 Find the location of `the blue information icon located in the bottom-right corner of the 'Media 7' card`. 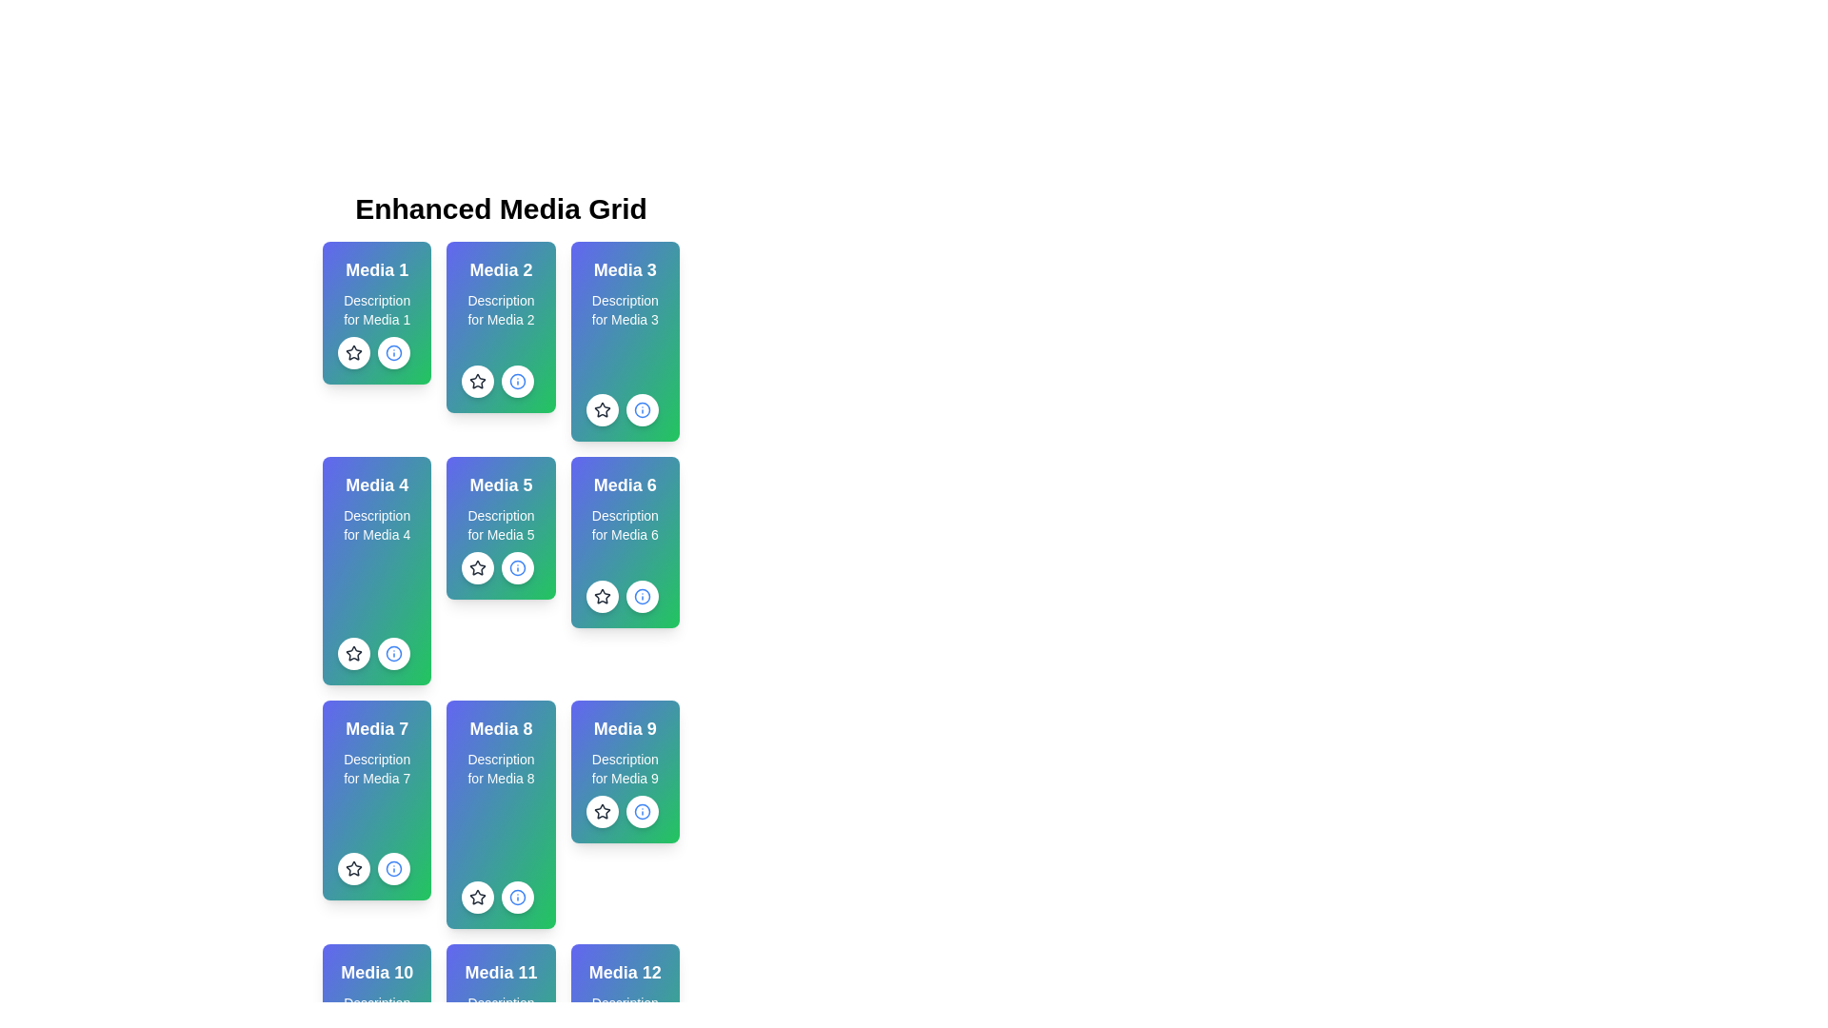

the blue information icon located in the bottom-right corner of the 'Media 7' card is located at coordinates (392, 869).